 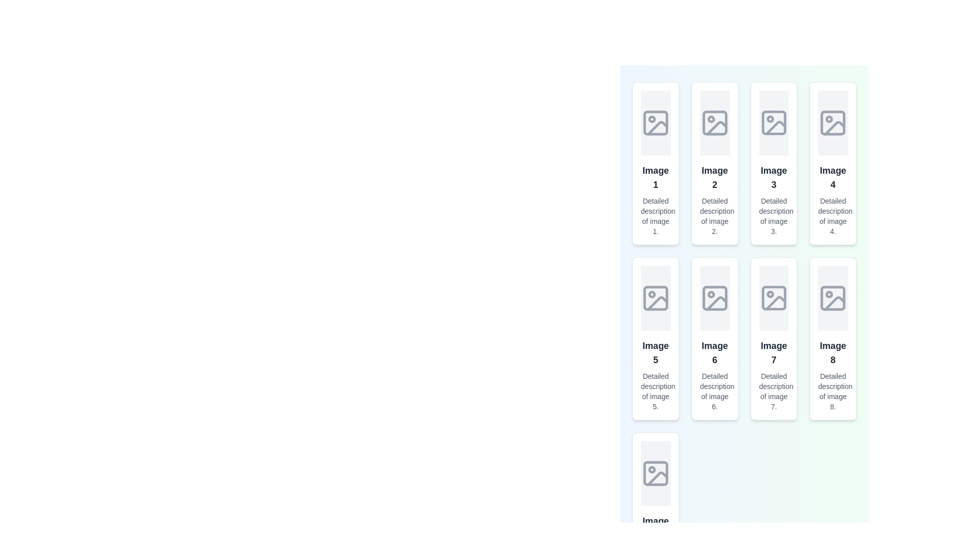 I want to click on the label that serves as a title for 'Image 7', located in the second row and third column of the grid layout, so click(x=773, y=353).